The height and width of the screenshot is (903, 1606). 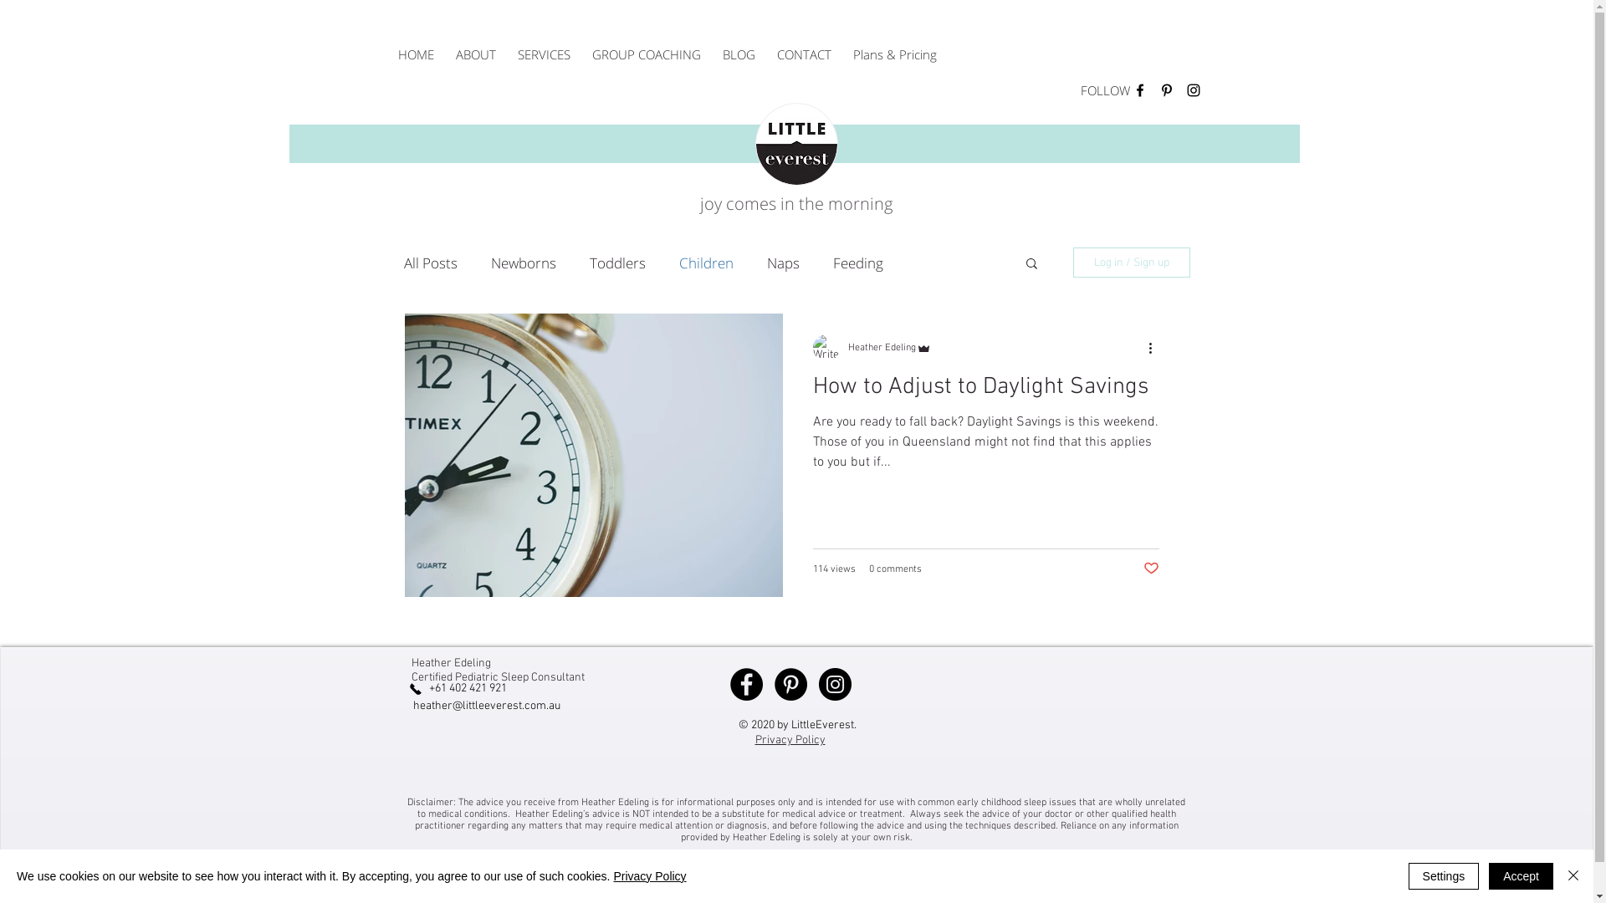 I want to click on 'Accept', so click(x=1521, y=875).